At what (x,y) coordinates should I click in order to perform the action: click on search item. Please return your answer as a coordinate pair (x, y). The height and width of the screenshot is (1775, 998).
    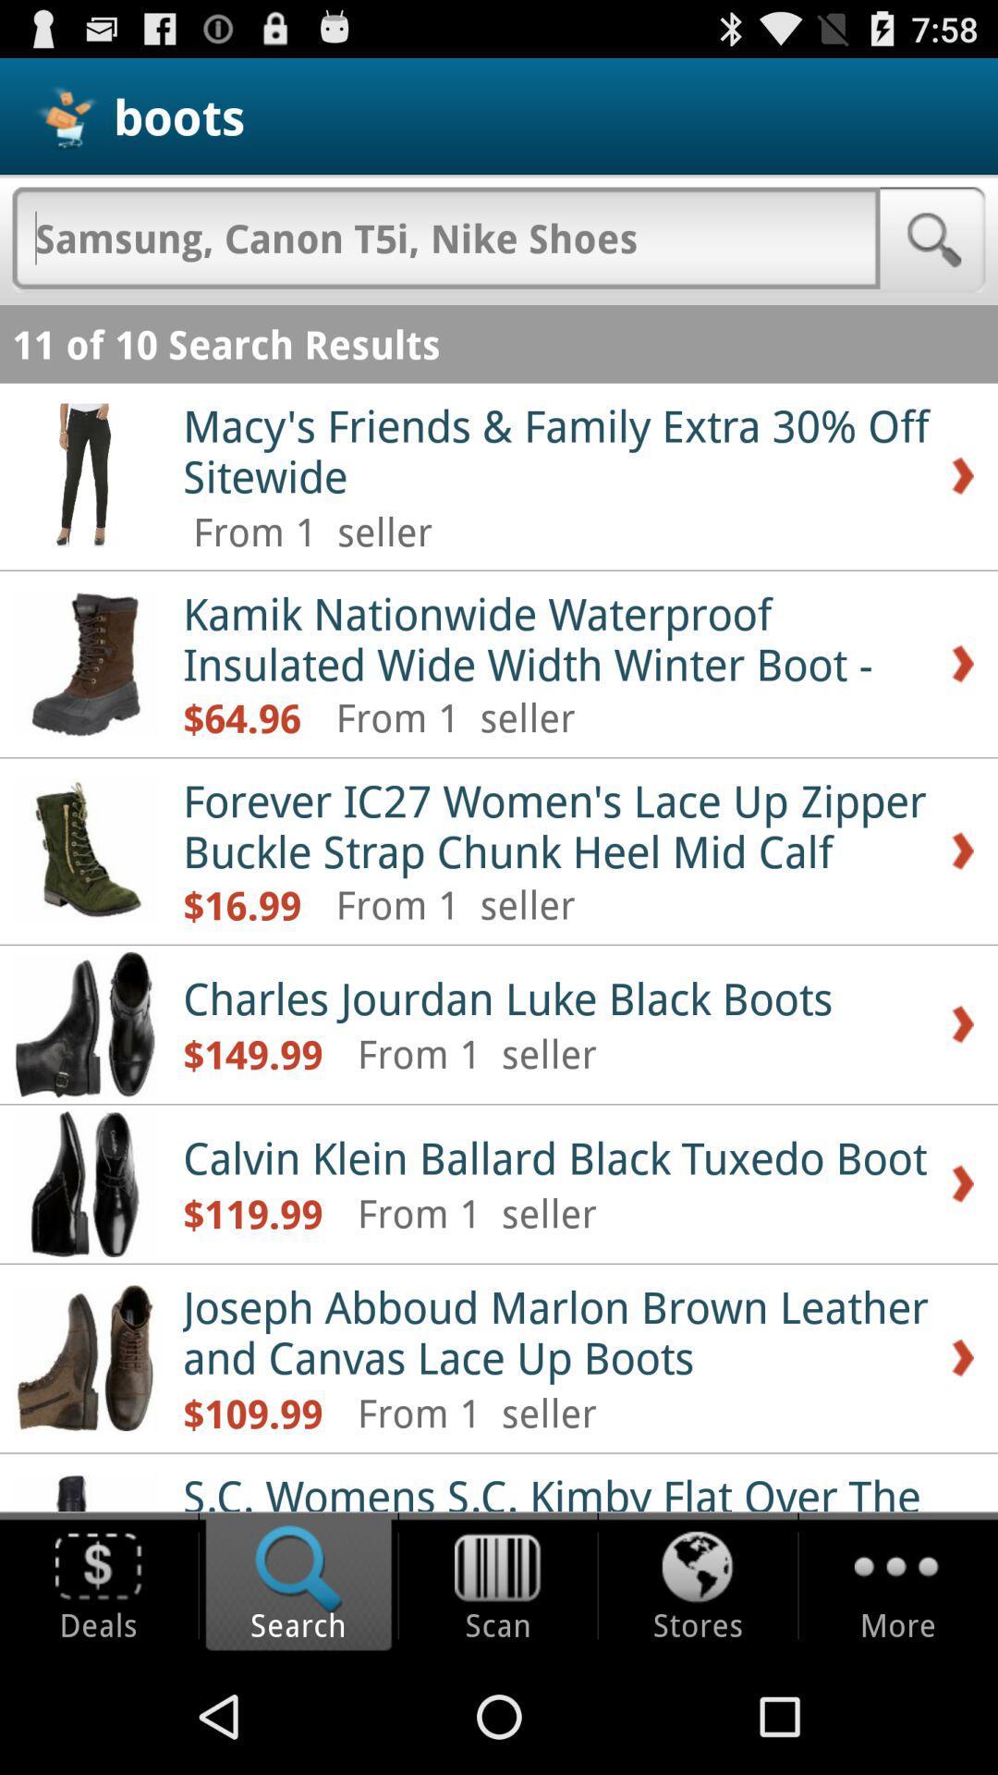
    Looking at the image, I should click on (445, 237).